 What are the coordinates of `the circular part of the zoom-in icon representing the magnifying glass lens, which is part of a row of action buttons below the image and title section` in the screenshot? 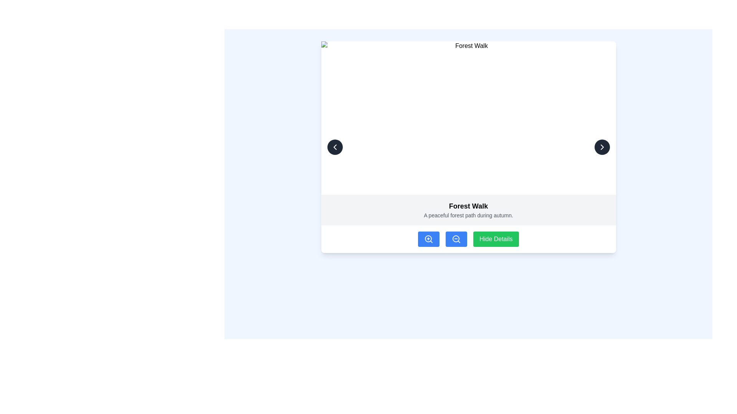 It's located at (428, 238).